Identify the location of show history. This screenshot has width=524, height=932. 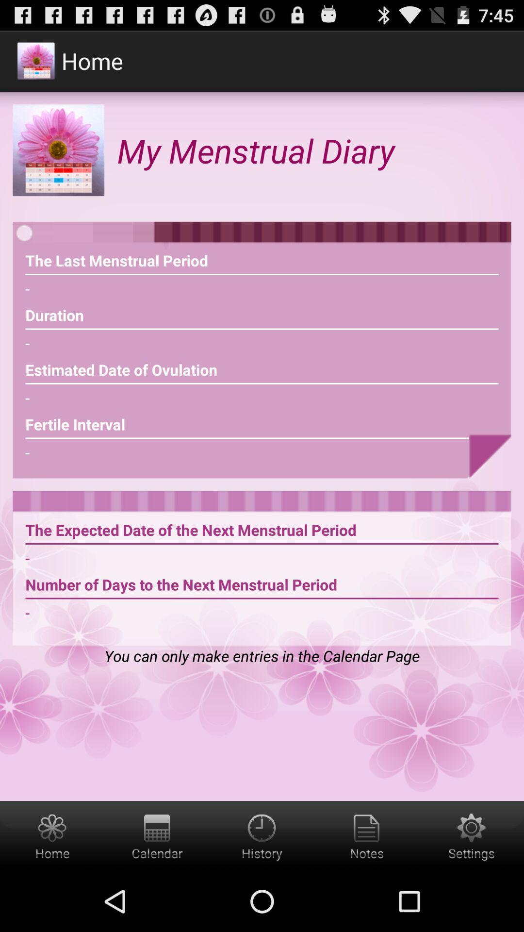
(262, 835).